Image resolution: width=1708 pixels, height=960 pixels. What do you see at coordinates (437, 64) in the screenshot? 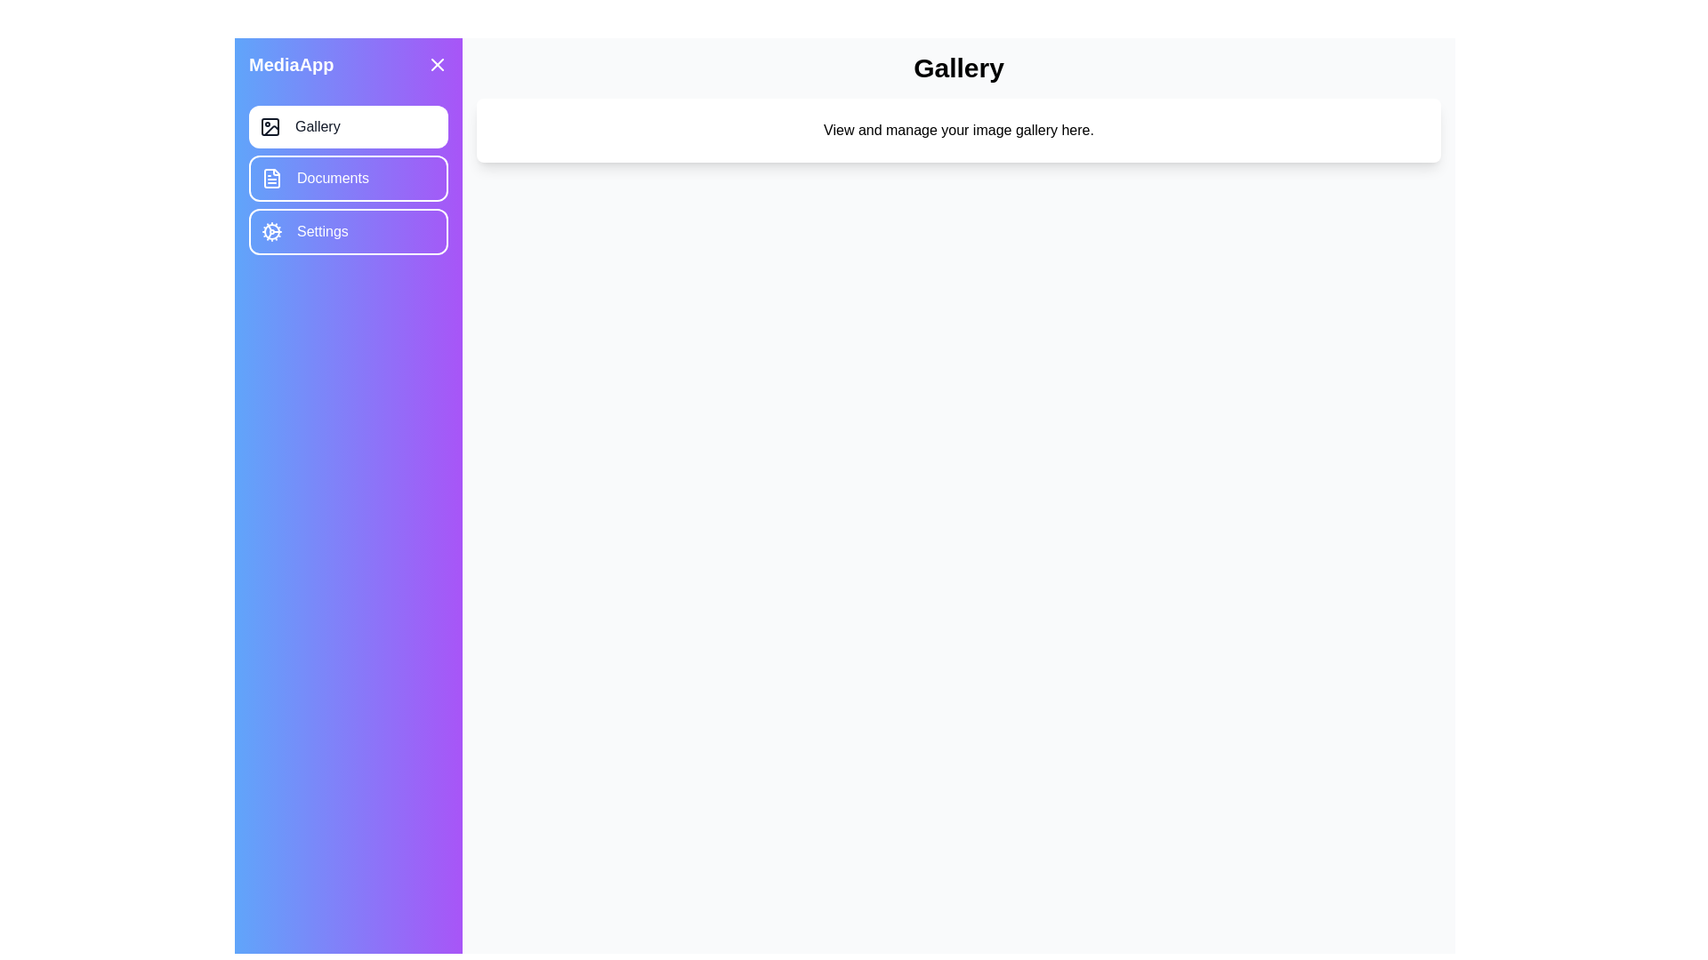
I see `the toggle button in the top-right corner of the drawer to toggle its open or close state` at bounding box center [437, 64].